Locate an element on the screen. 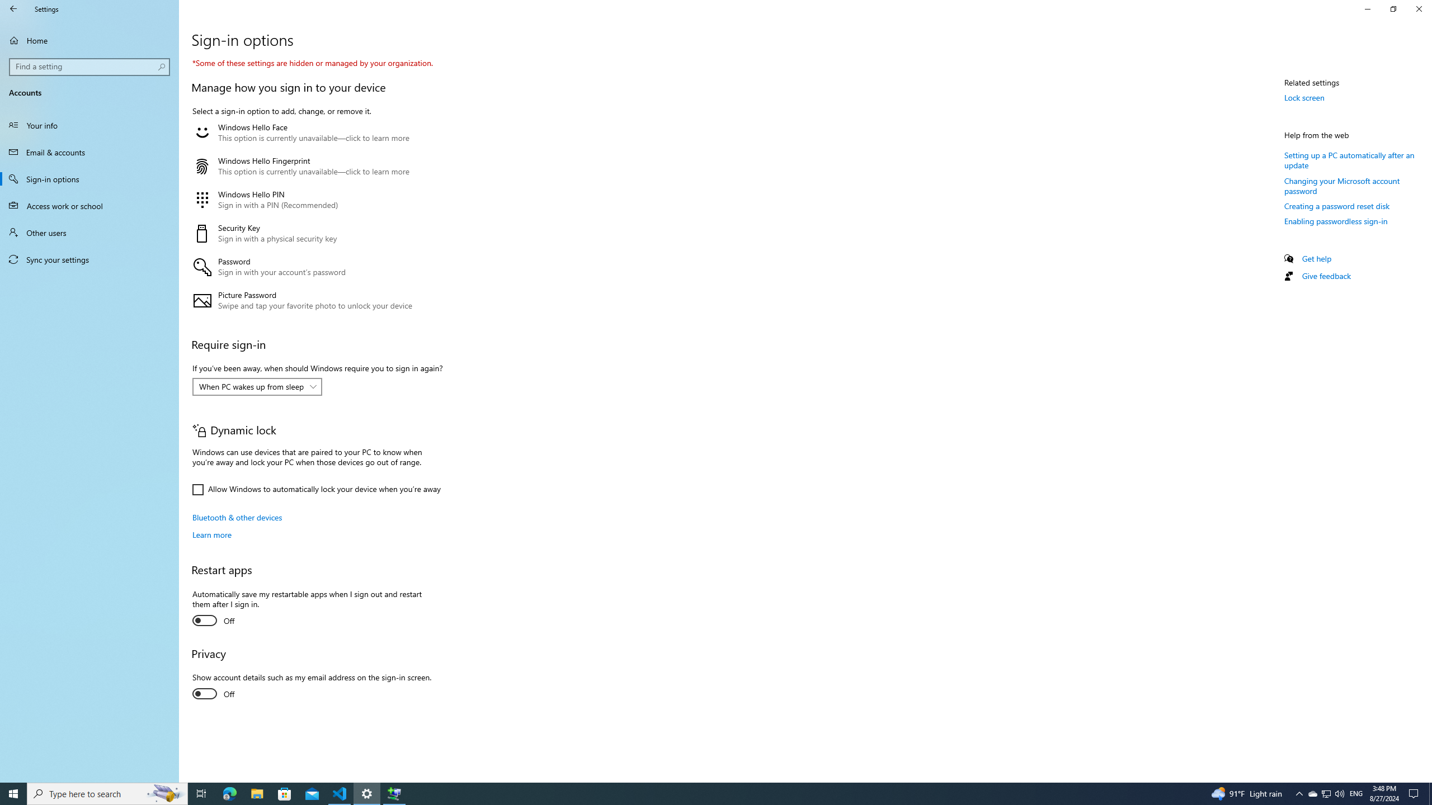  'Tray Input Indicator - English (United States)' is located at coordinates (1356, 793).